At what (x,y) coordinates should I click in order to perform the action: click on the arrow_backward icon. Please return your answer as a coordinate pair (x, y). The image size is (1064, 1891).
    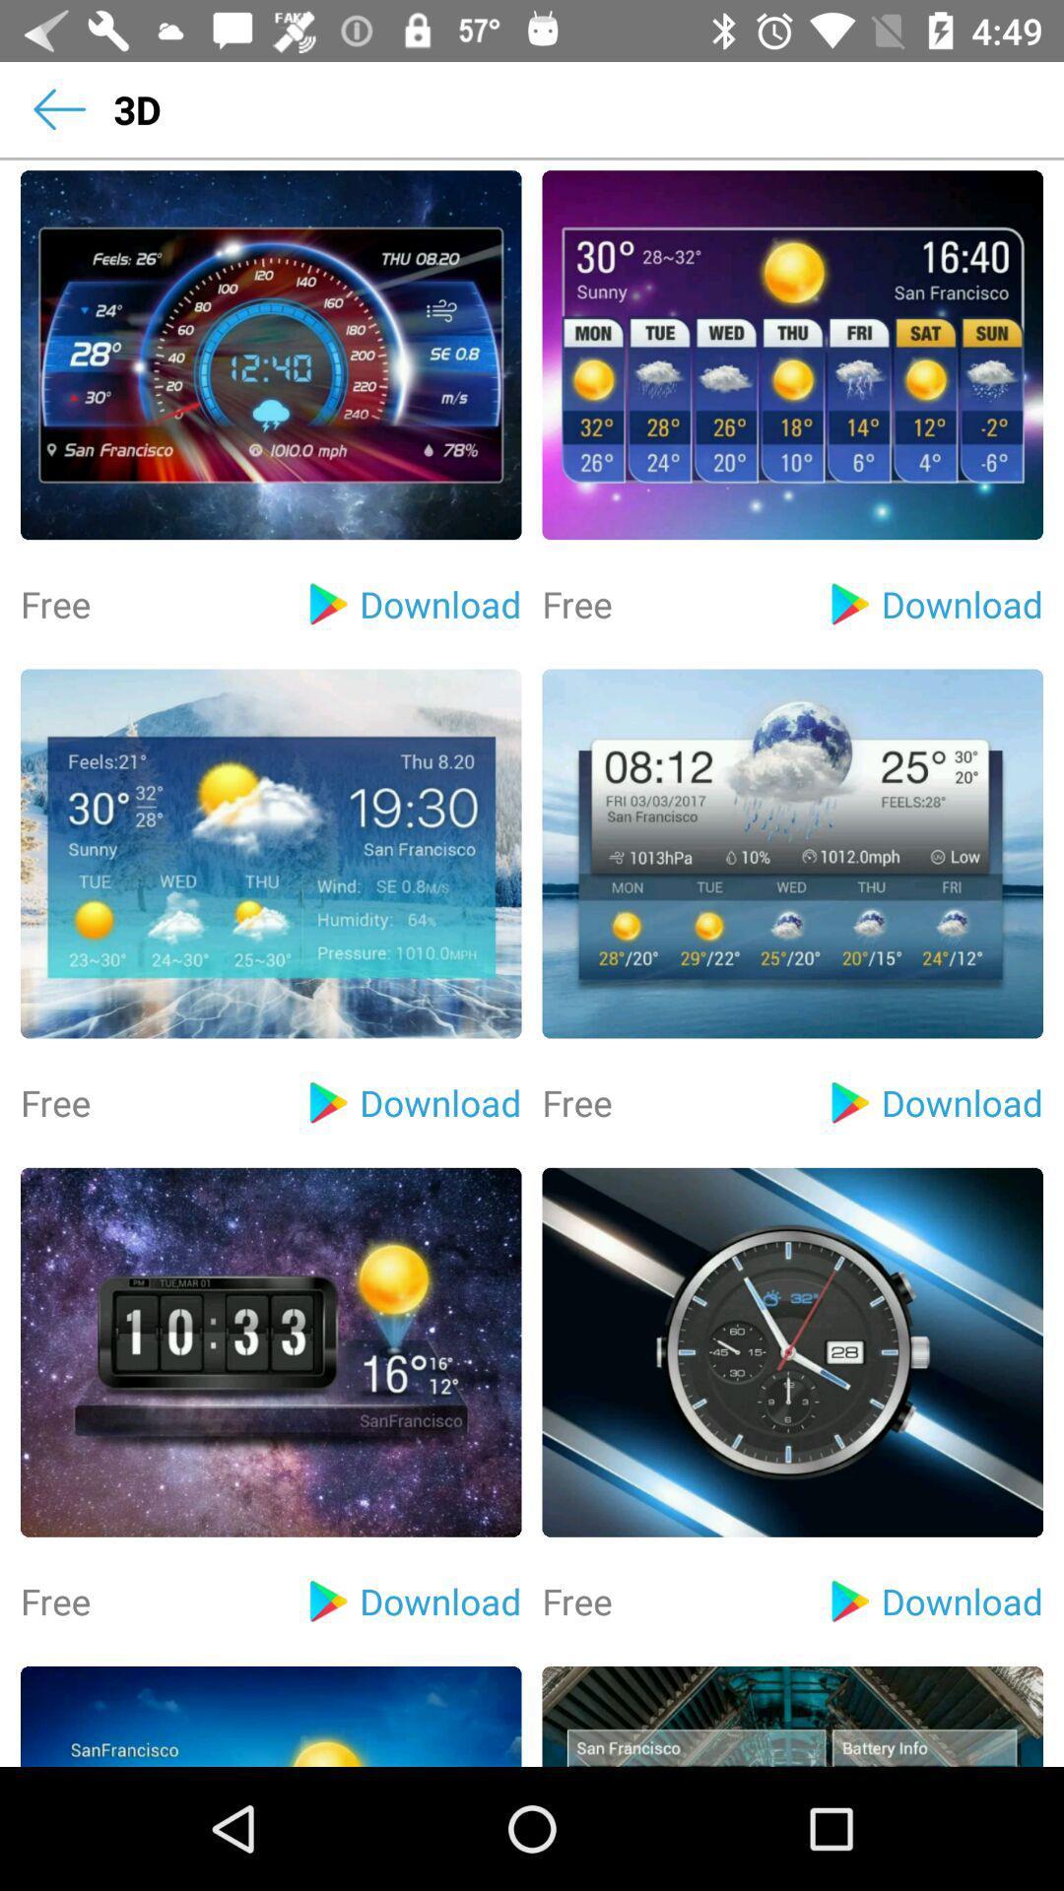
    Looking at the image, I should click on (58, 108).